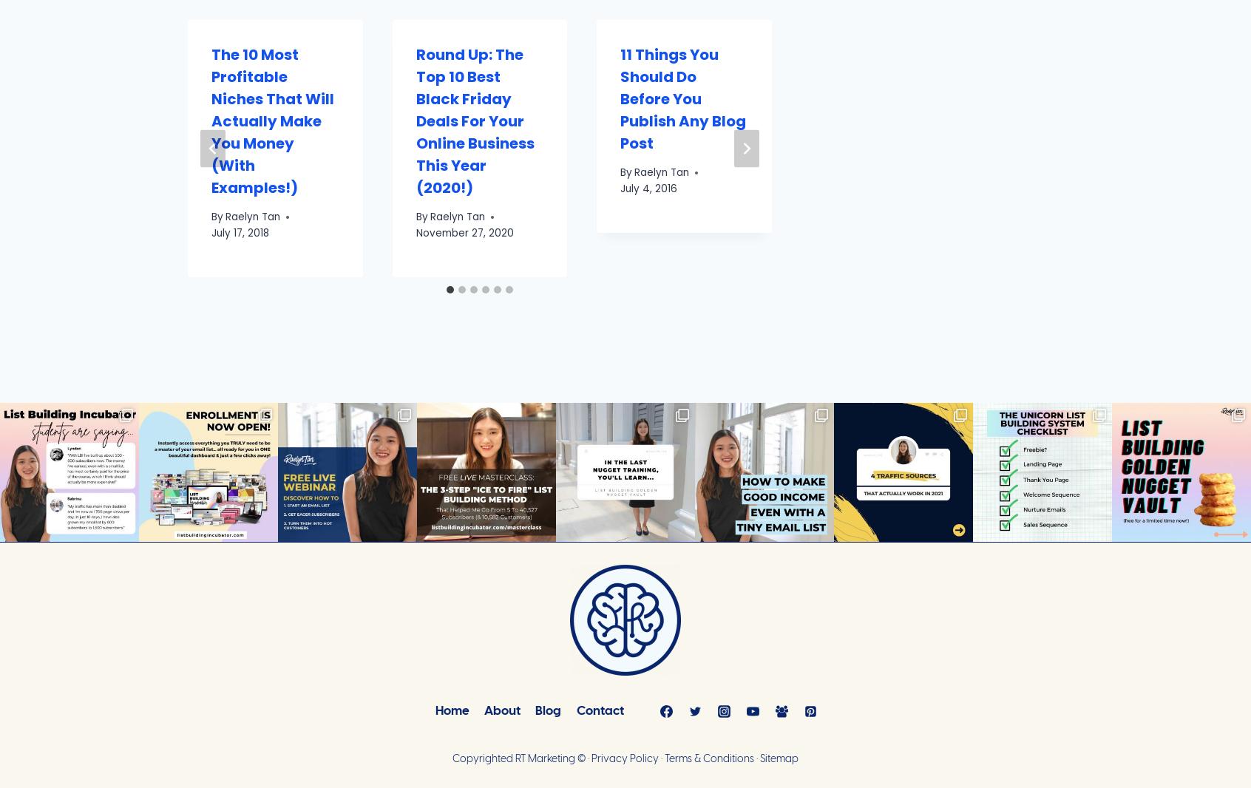  Describe the element at coordinates (240, 232) in the screenshot. I see `'July 17, 2018'` at that location.